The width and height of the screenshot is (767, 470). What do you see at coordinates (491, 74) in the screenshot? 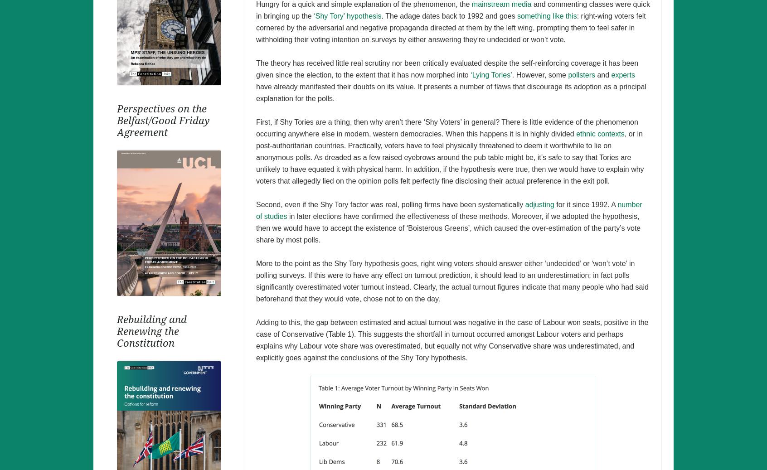
I see `'‘Lying Tories’'` at bounding box center [491, 74].